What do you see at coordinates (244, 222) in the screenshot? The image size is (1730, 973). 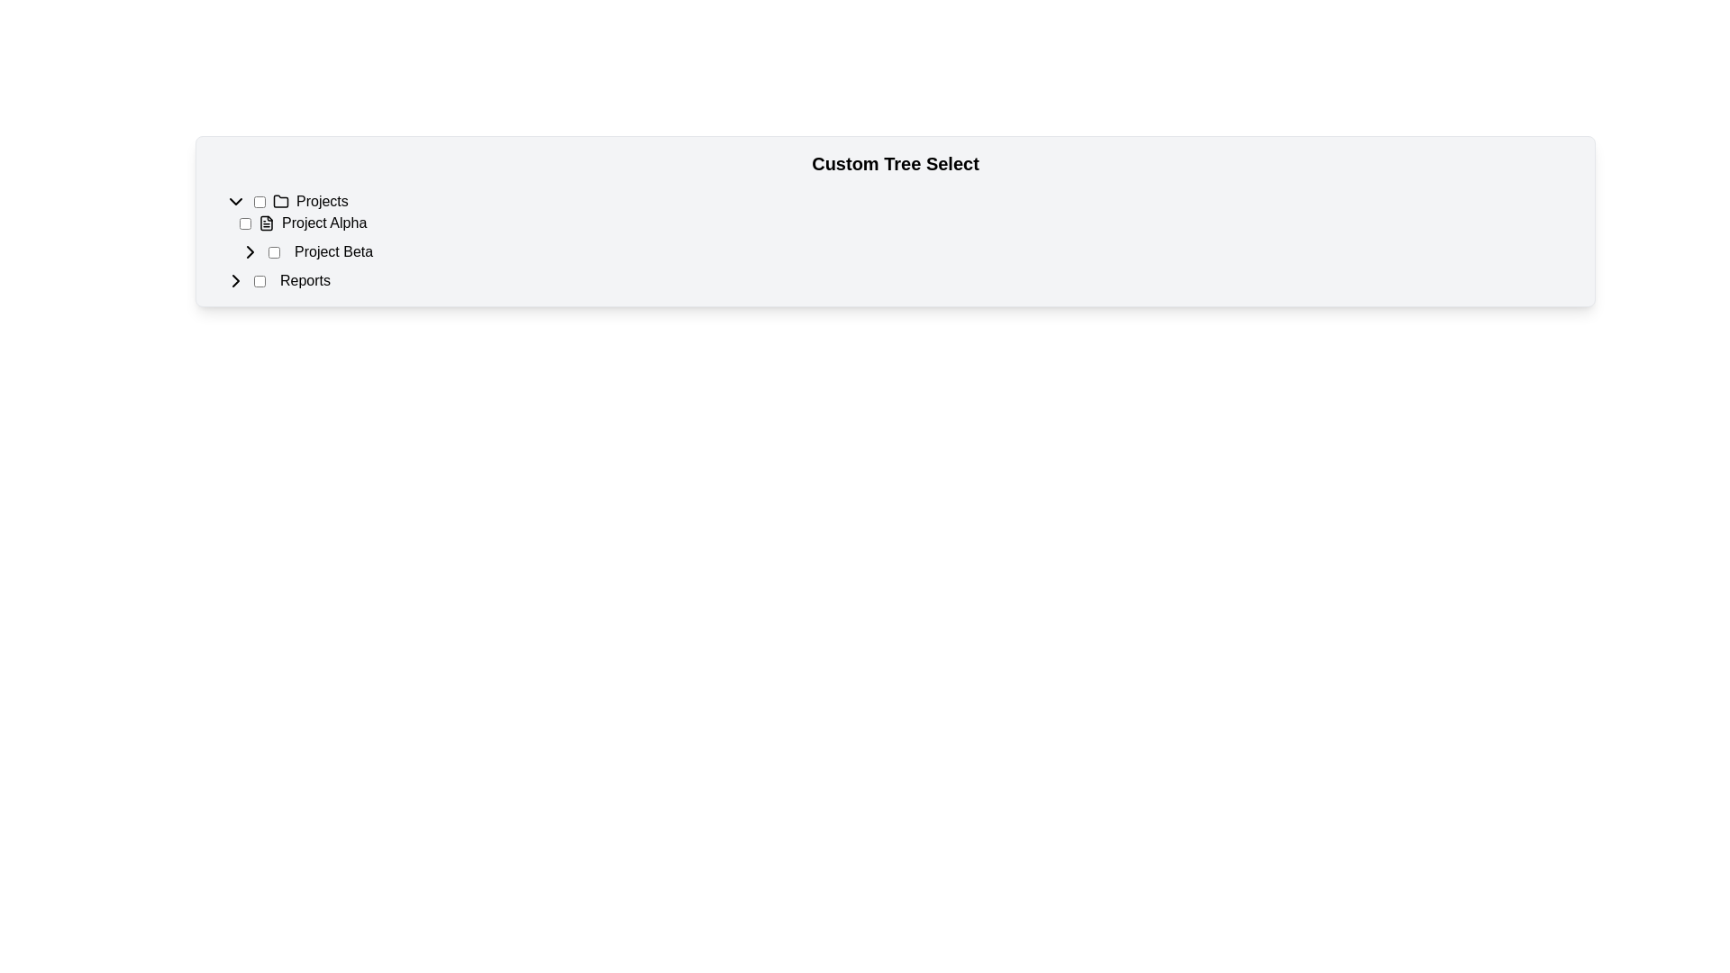 I see `the checkbox associated with the label 'Project Alpha'` at bounding box center [244, 222].